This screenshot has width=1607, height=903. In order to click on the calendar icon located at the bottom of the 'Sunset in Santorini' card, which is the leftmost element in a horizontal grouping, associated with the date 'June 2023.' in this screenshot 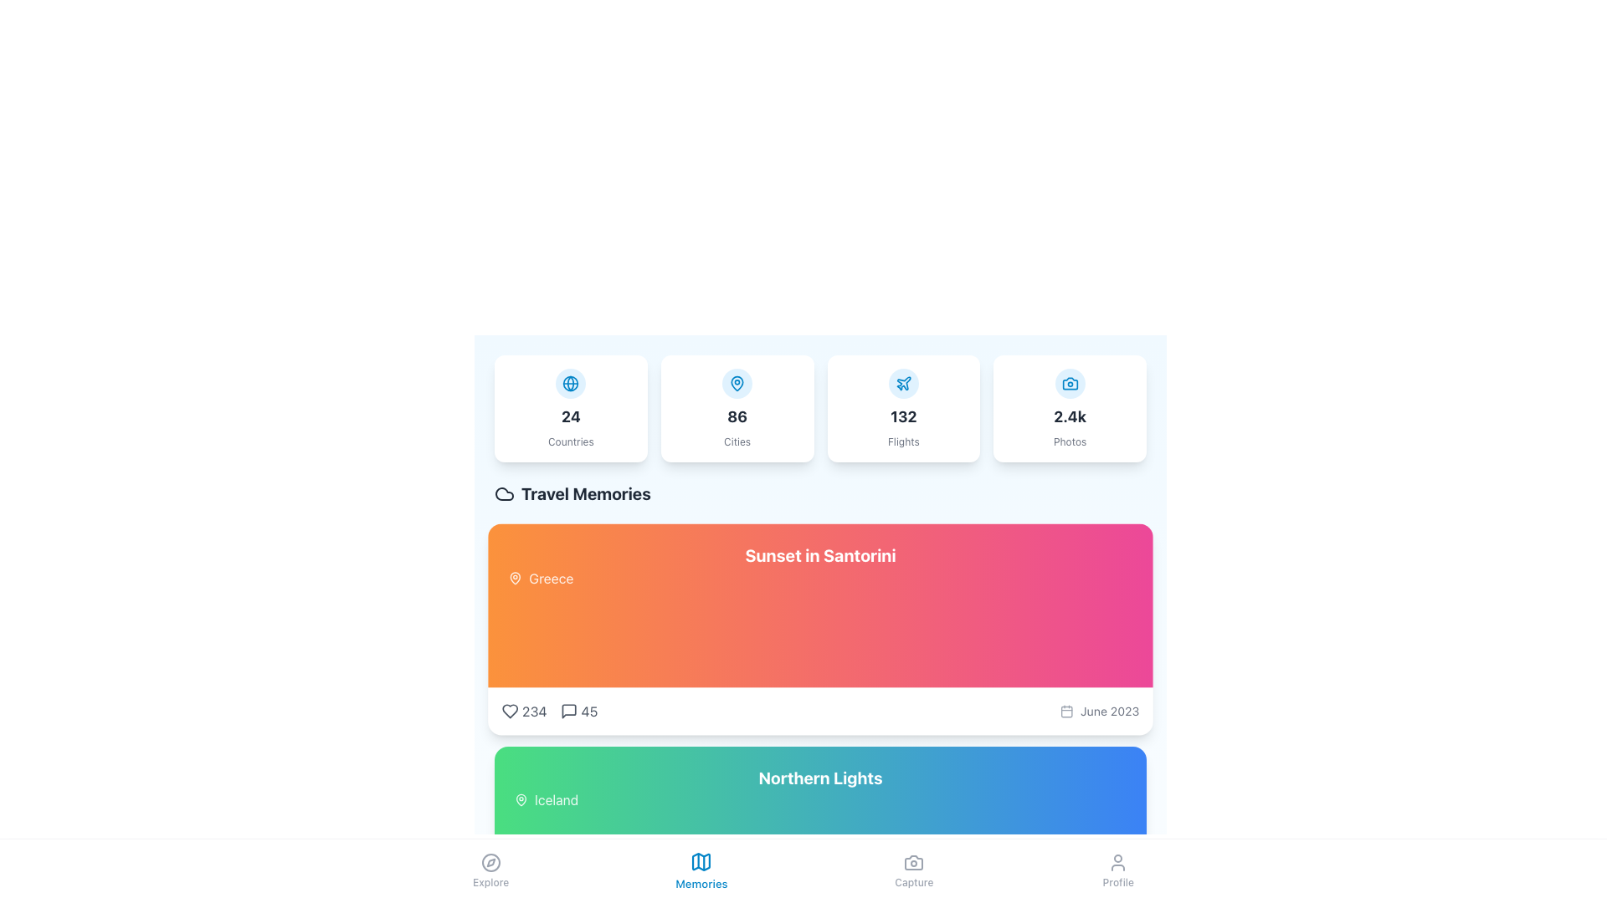, I will do `click(1065, 711)`.